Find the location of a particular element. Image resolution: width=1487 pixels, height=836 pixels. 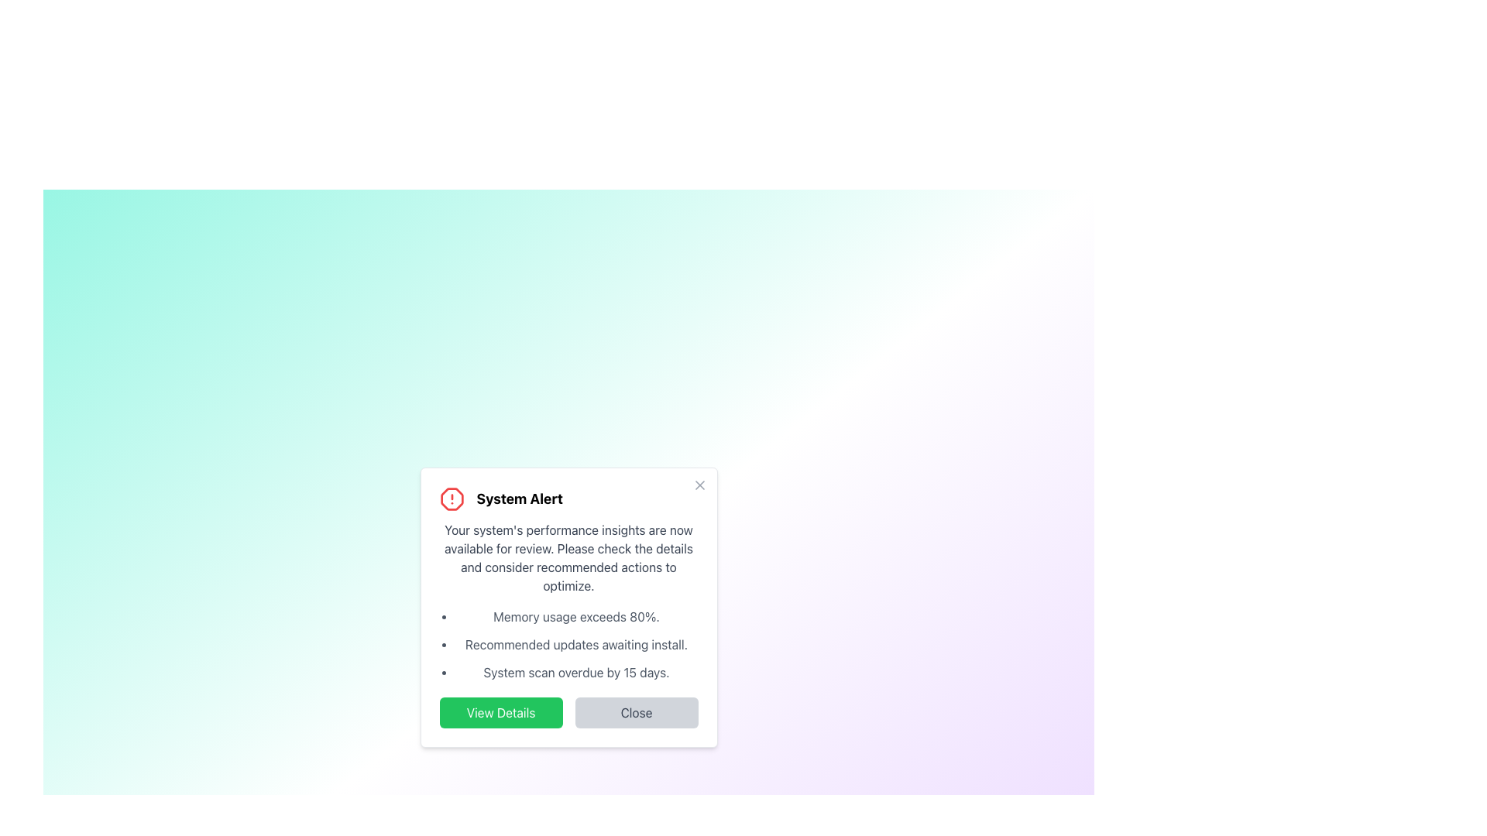

the close button located at the top-right corner of the alert box is located at coordinates (699, 485).